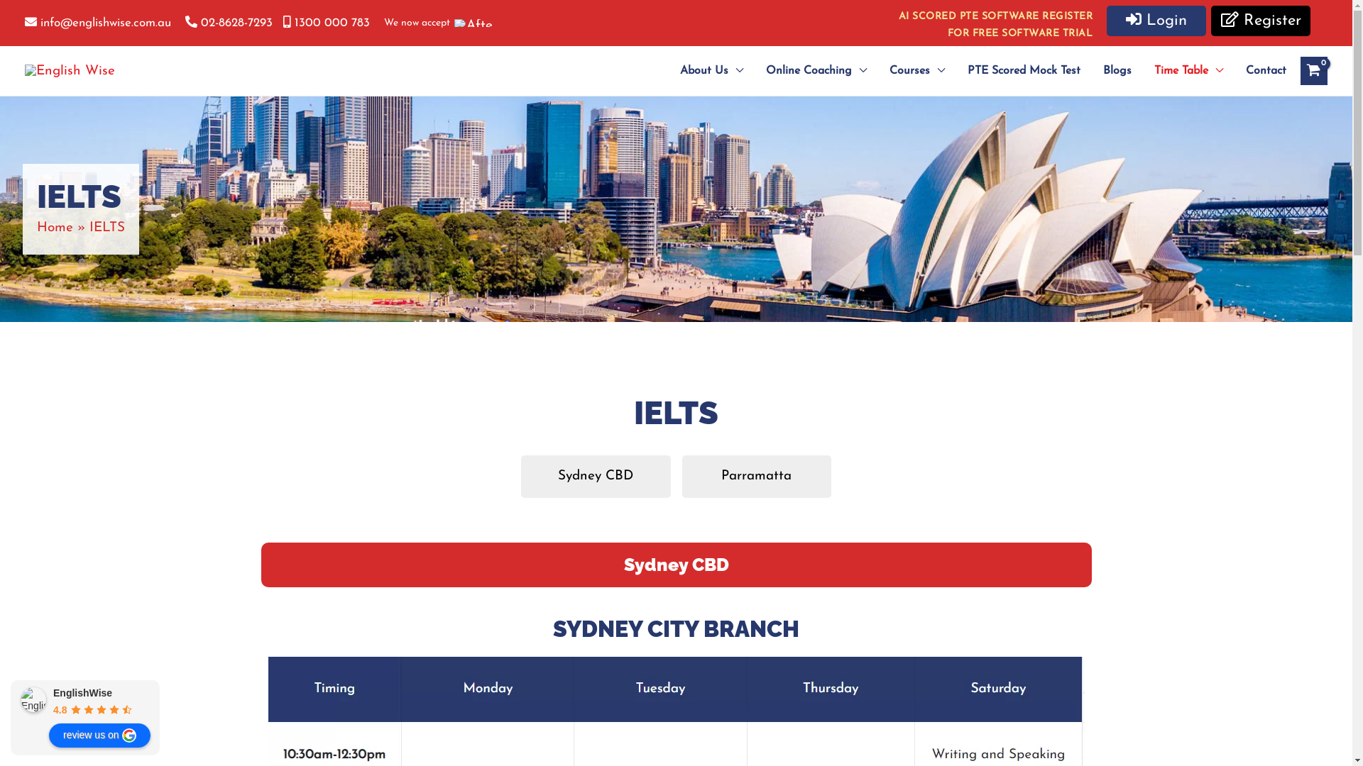  Describe the element at coordinates (1260, 71) in the screenshot. I see `'Contact'` at that location.